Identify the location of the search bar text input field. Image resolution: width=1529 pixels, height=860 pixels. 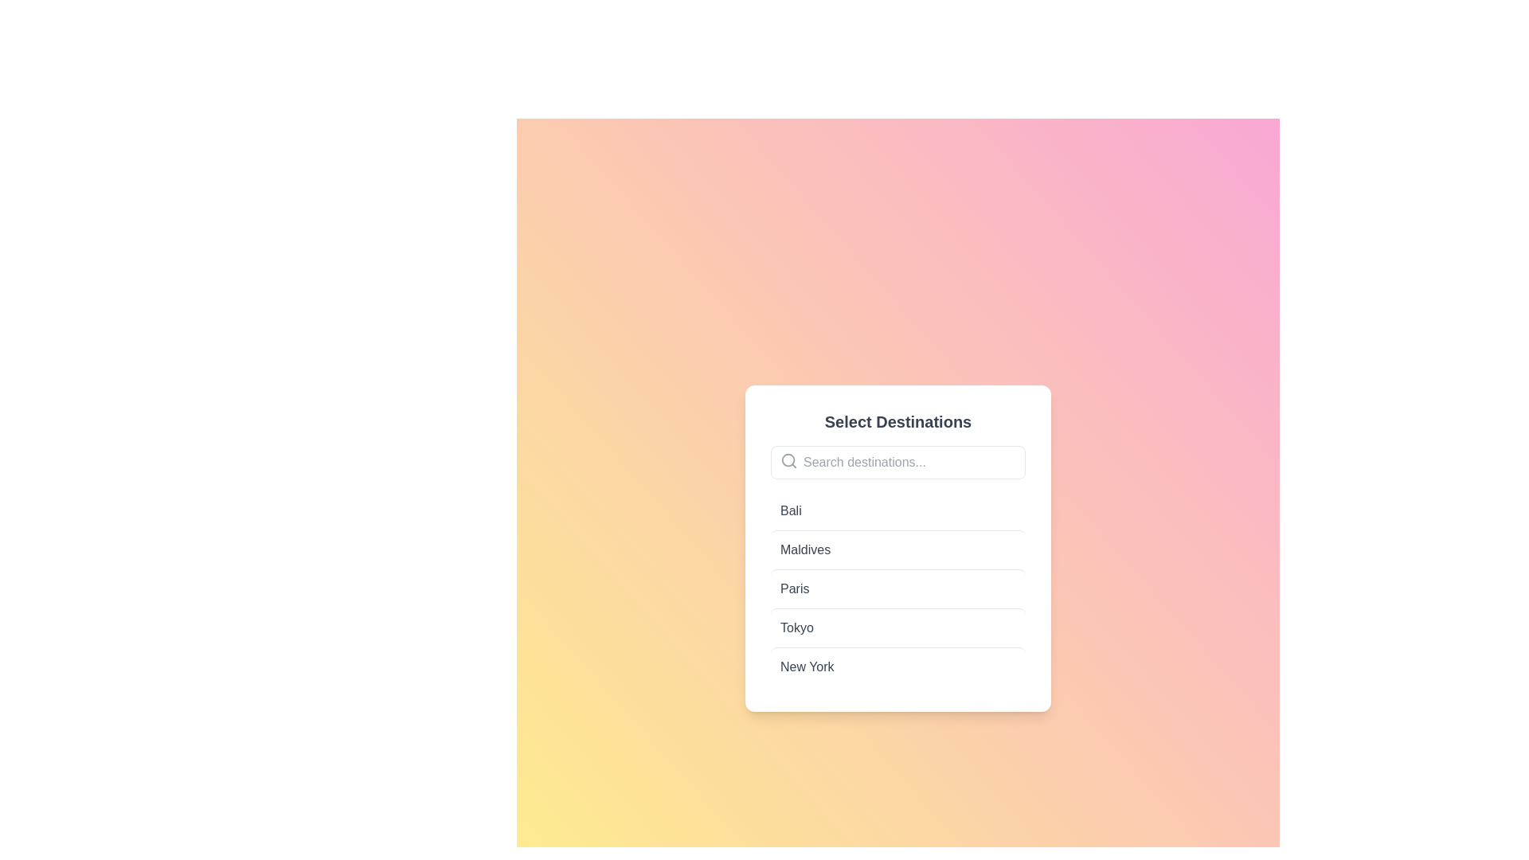
(898, 463).